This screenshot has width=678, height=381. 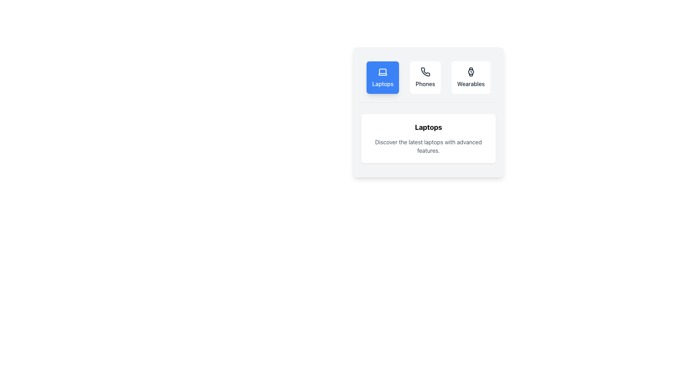 I want to click on the phone icon, which is a minimalist design element located in the middle right of the card interface, so click(x=425, y=72).